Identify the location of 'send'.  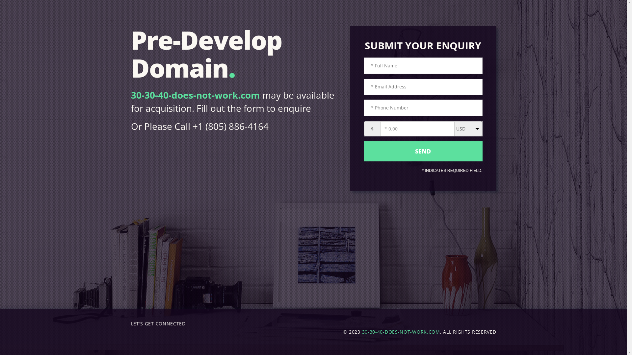
(423, 151).